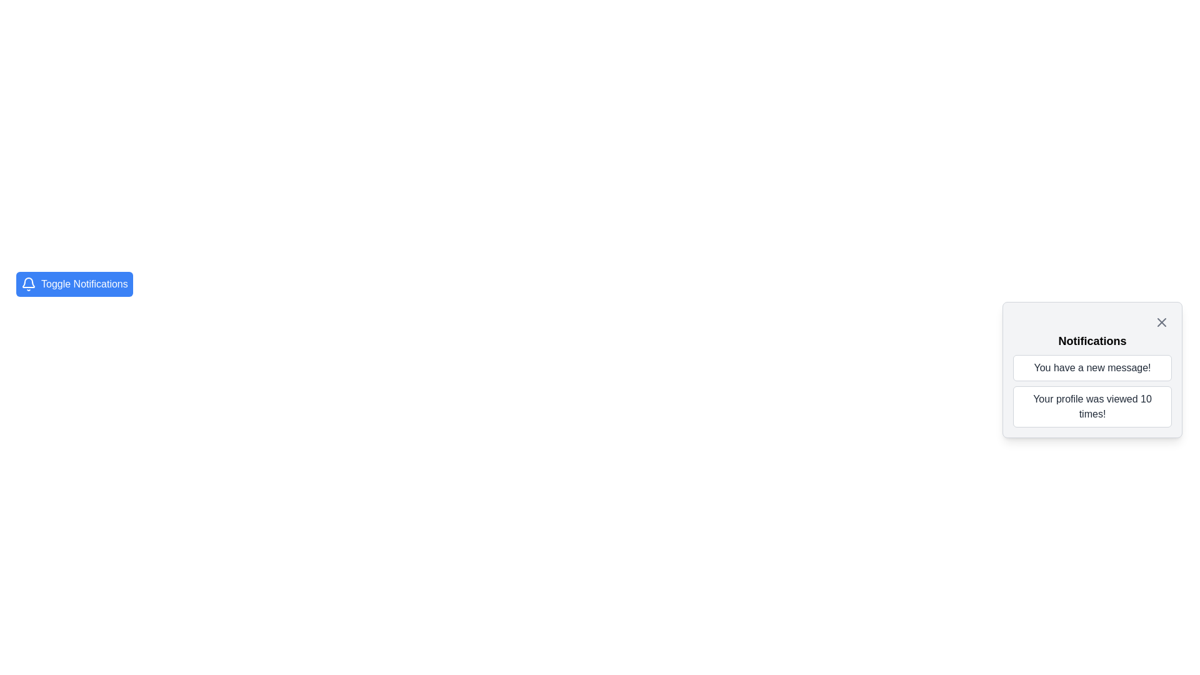 The width and height of the screenshot is (1200, 675). What do you see at coordinates (29, 282) in the screenshot?
I see `the bell-shaped icon with a blue background and white outlines located on the left side of the 'Toggle Notifications' button` at bounding box center [29, 282].